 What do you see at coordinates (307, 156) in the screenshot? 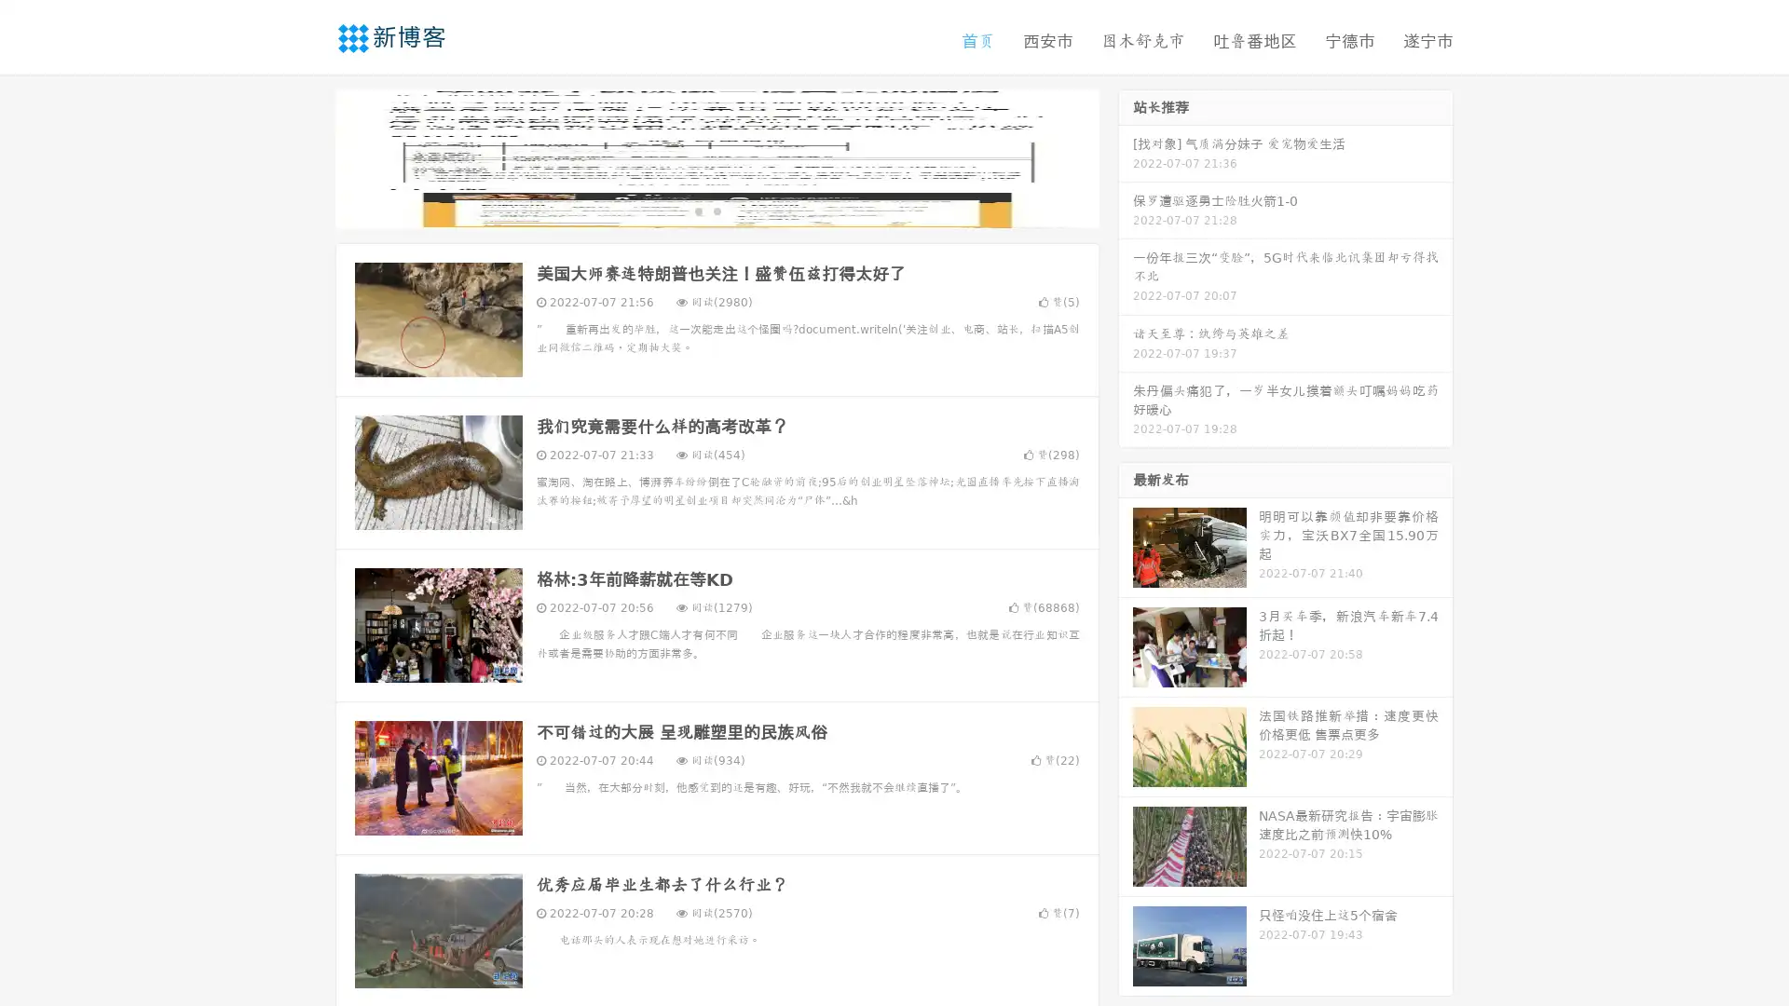
I see `Previous slide` at bounding box center [307, 156].